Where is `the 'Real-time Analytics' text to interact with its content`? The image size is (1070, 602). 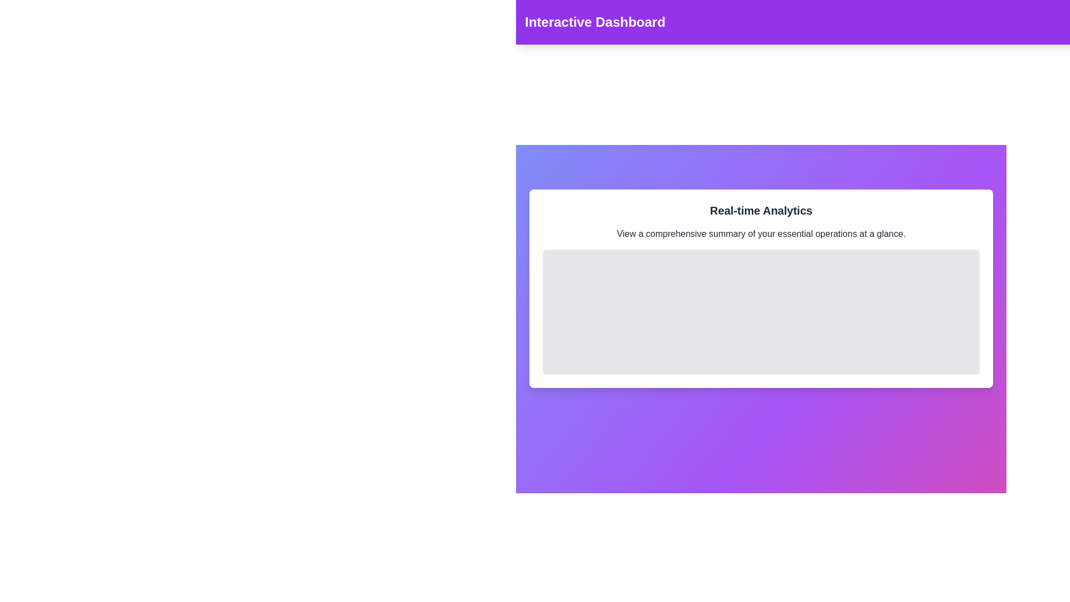 the 'Real-time Analytics' text to interact with its content is located at coordinates (761, 211).